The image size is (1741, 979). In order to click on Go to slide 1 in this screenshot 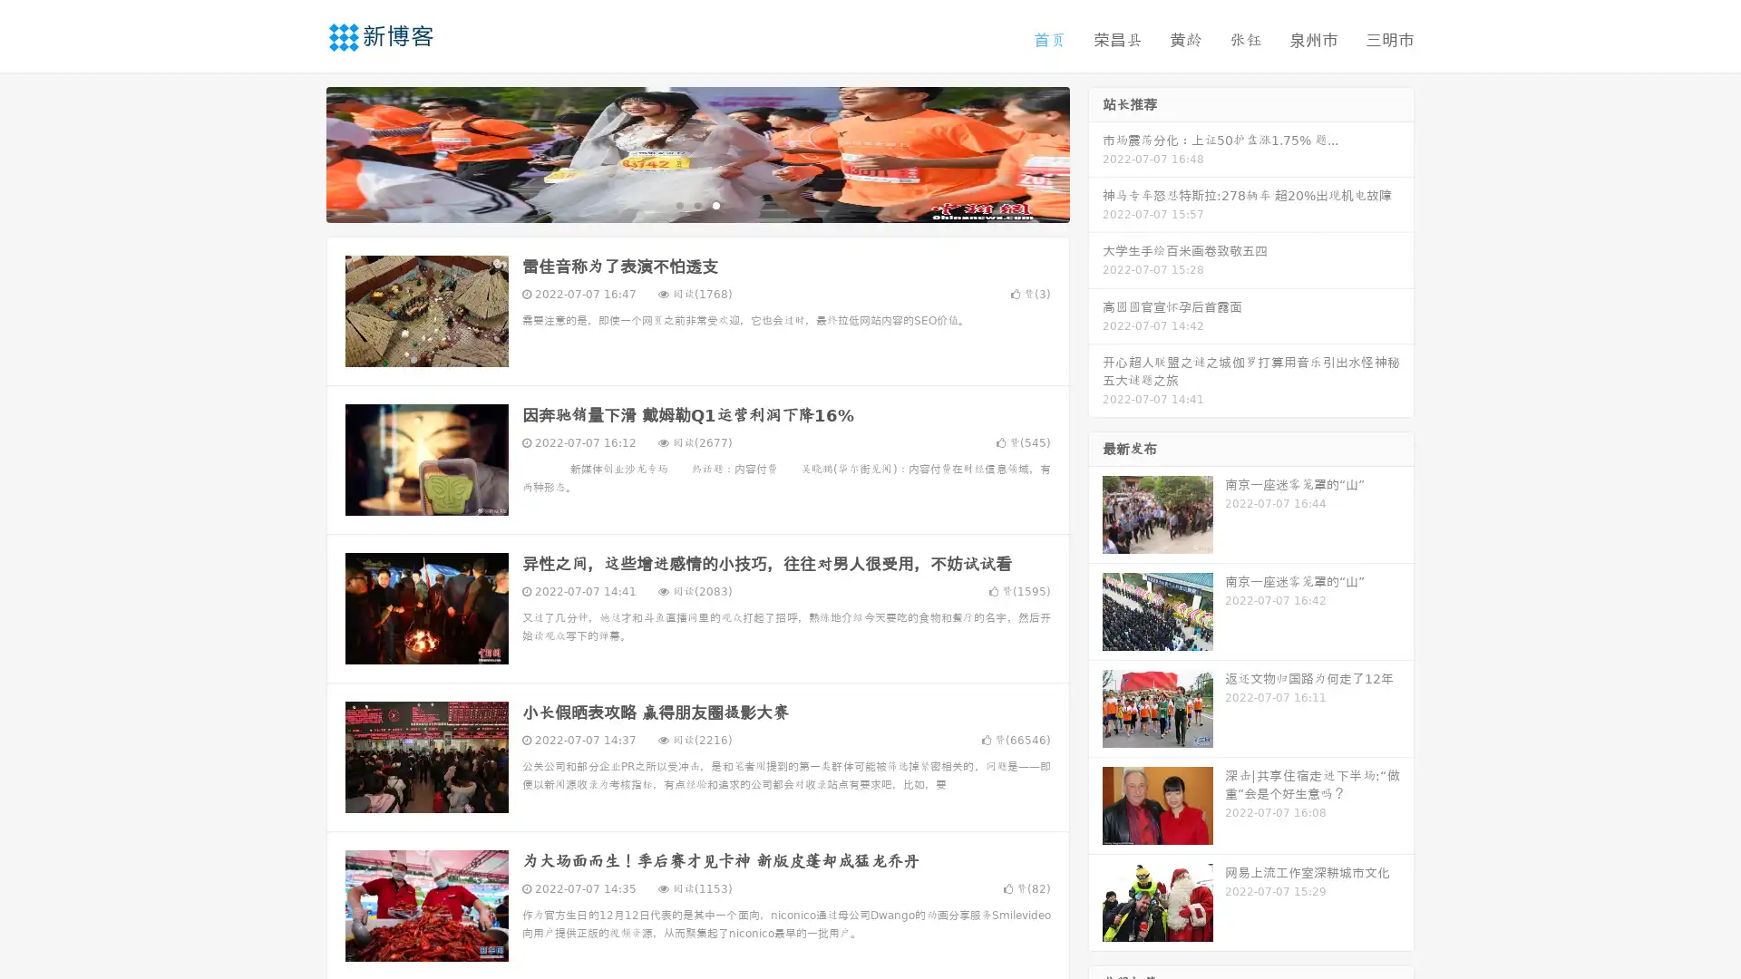, I will do `click(678, 204)`.